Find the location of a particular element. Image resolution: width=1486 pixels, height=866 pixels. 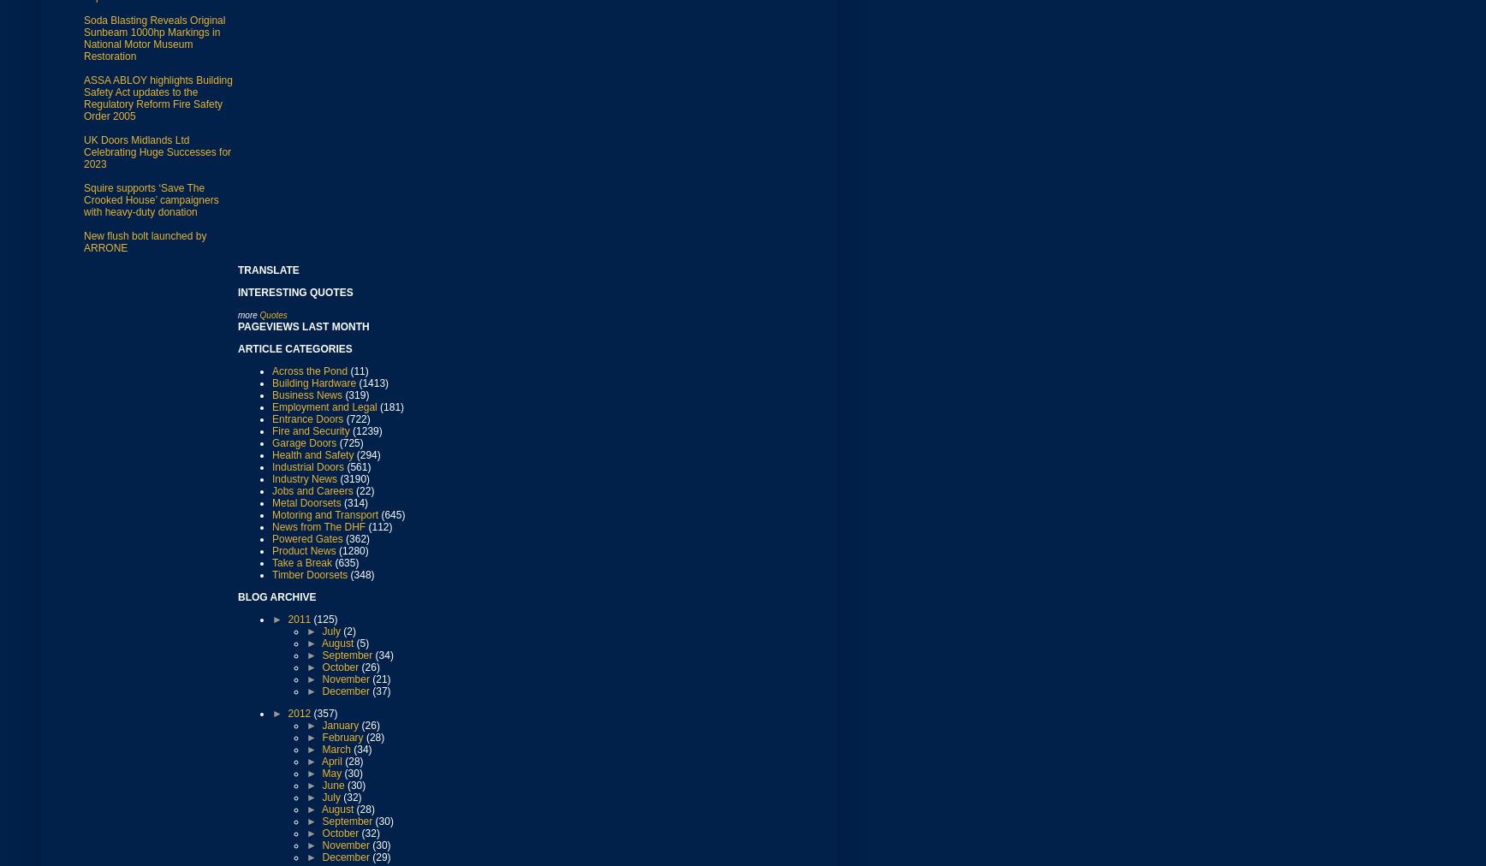

'(357)' is located at coordinates (312, 711).